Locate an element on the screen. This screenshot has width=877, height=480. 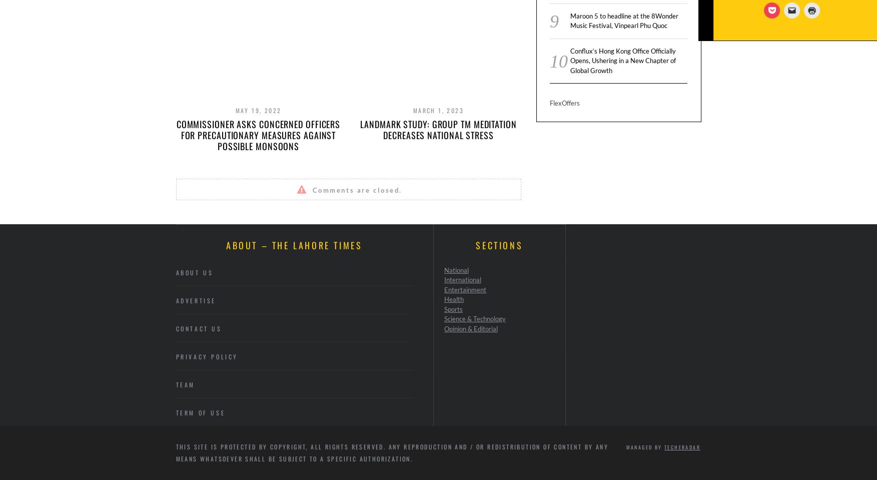
'About Us' is located at coordinates (194, 272).